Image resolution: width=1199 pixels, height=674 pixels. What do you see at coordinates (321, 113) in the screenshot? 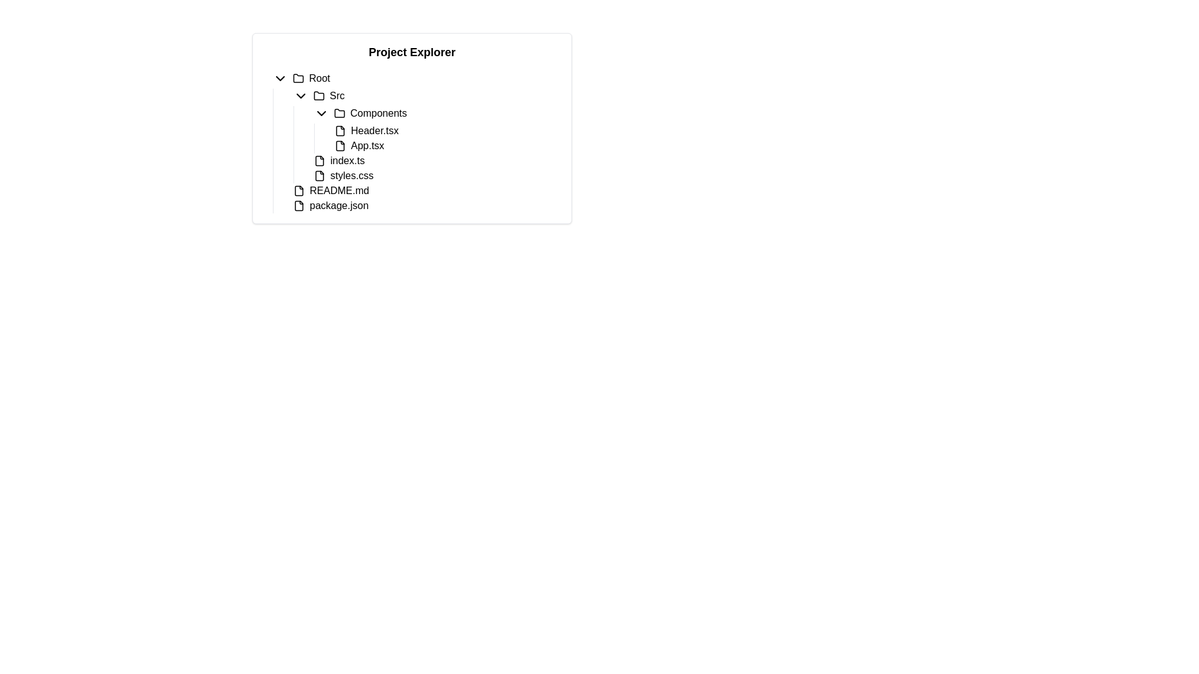
I see `the toggle icon` at bounding box center [321, 113].